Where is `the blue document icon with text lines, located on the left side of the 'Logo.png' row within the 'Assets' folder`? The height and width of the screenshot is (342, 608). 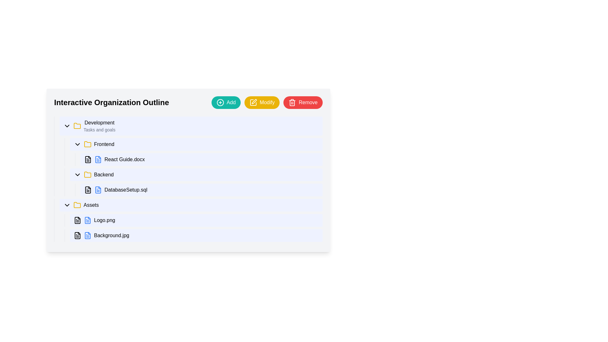
the blue document icon with text lines, located on the left side of the 'Logo.png' row within the 'Assets' folder is located at coordinates (87, 220).